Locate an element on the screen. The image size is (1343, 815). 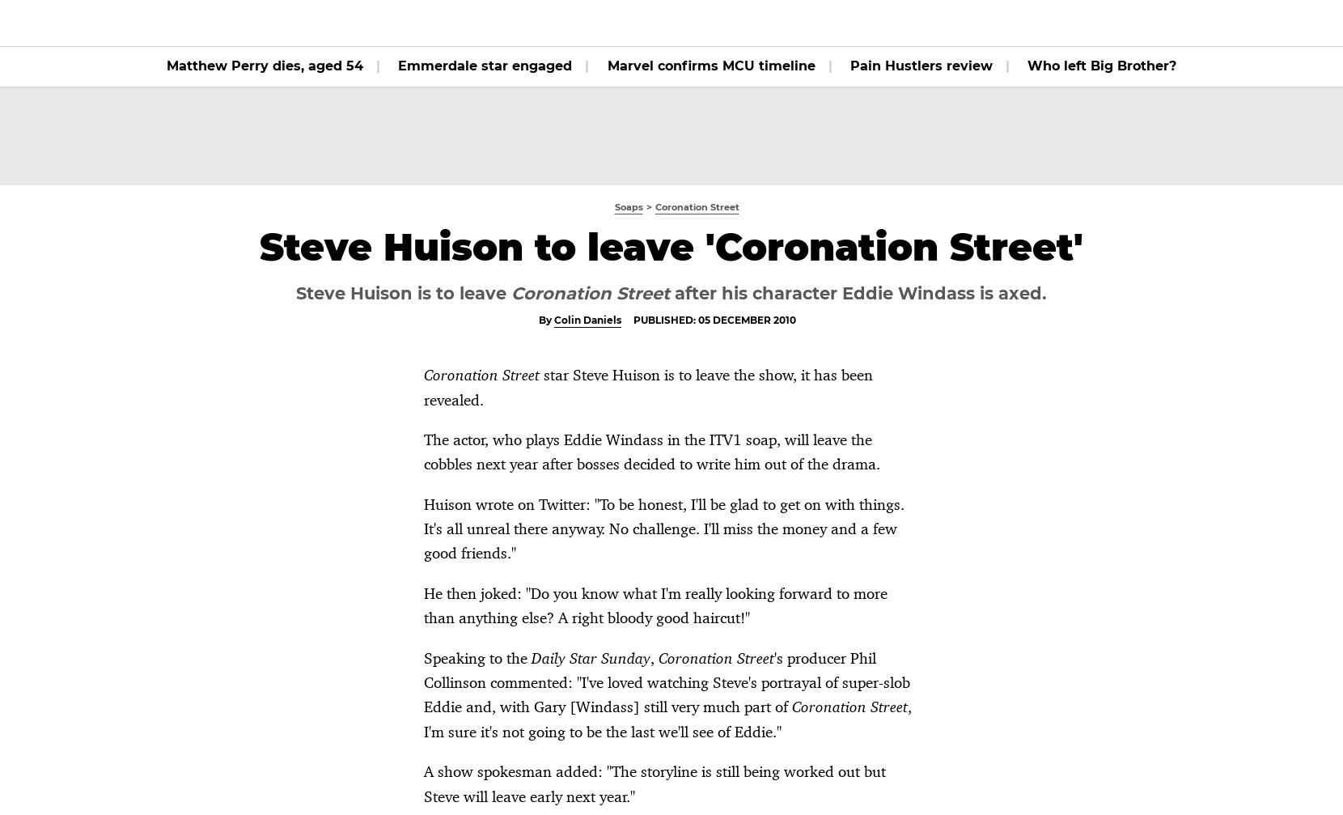
'Movies' is located at coordinates (383, 23).